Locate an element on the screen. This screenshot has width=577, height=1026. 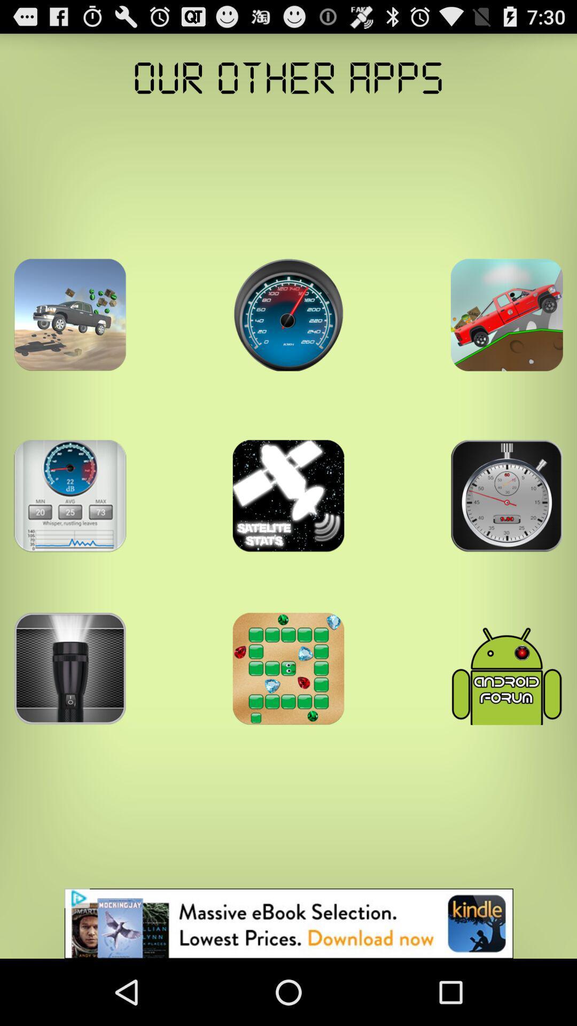
show gps is located at coordinates (506, 314).